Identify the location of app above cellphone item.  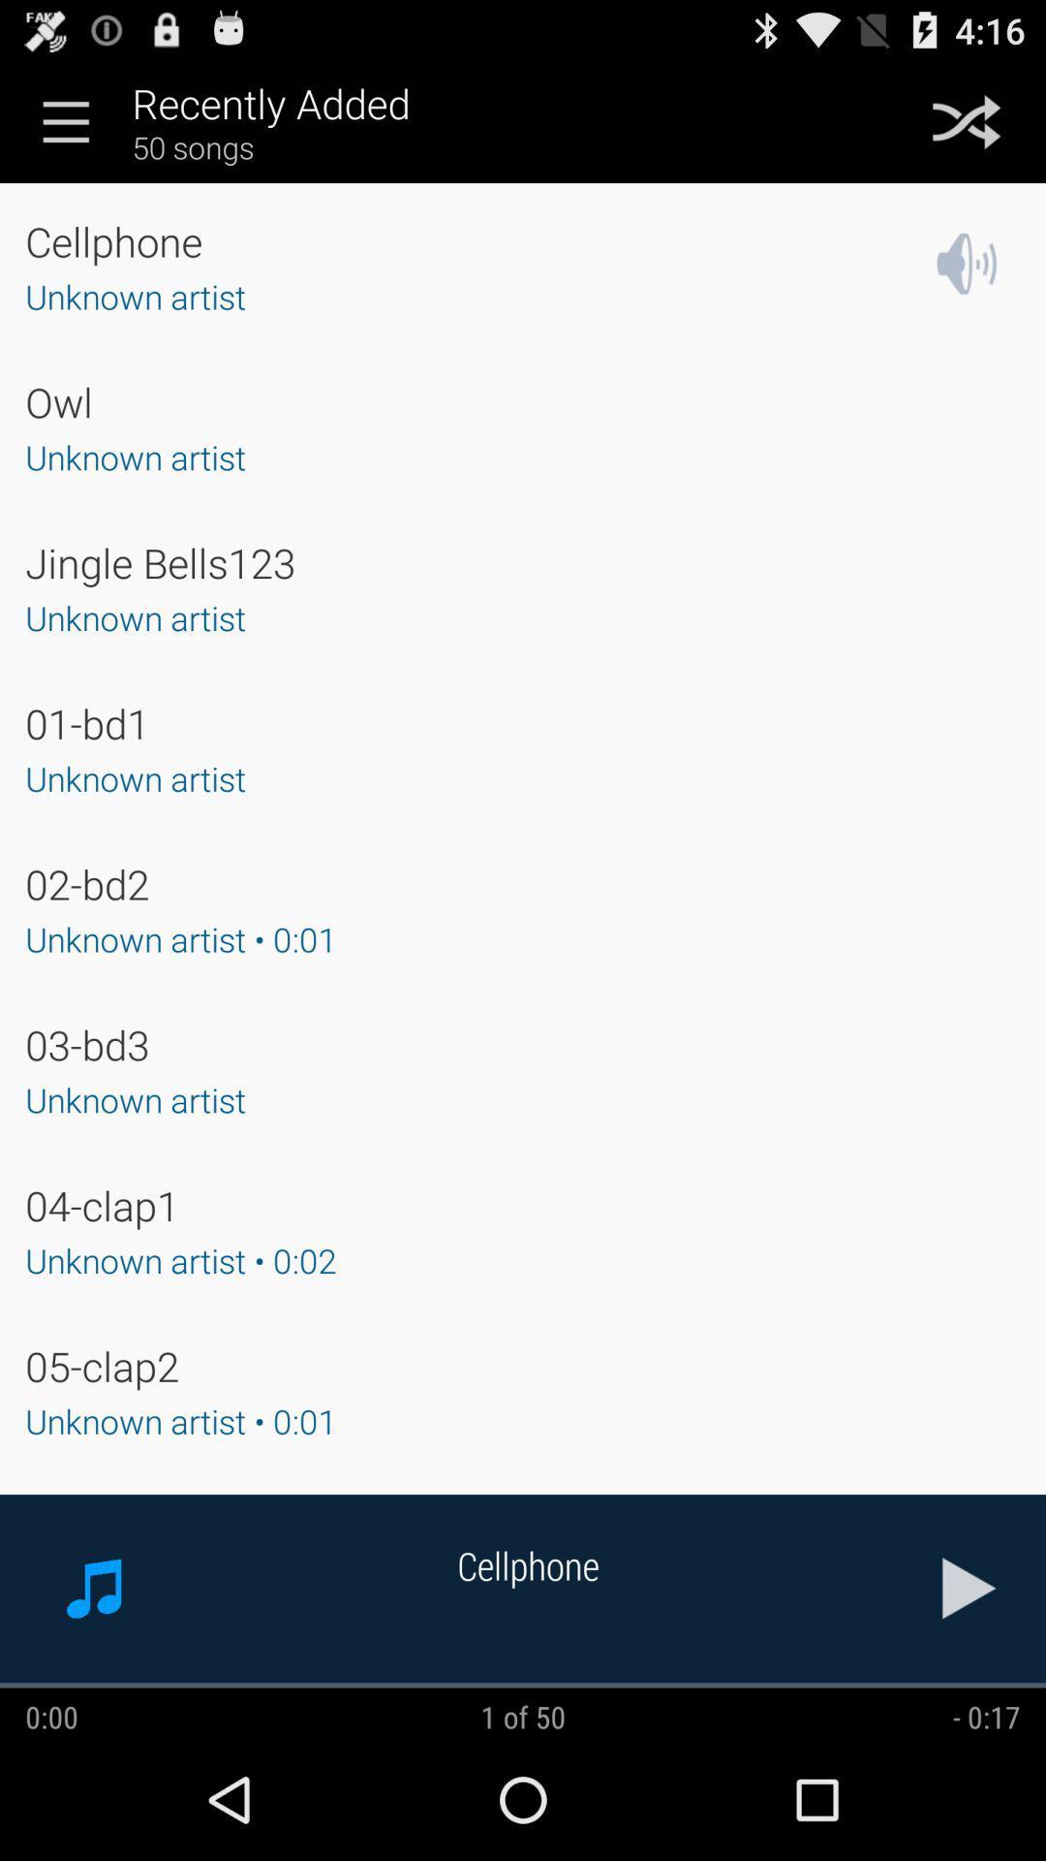
(65, 120).